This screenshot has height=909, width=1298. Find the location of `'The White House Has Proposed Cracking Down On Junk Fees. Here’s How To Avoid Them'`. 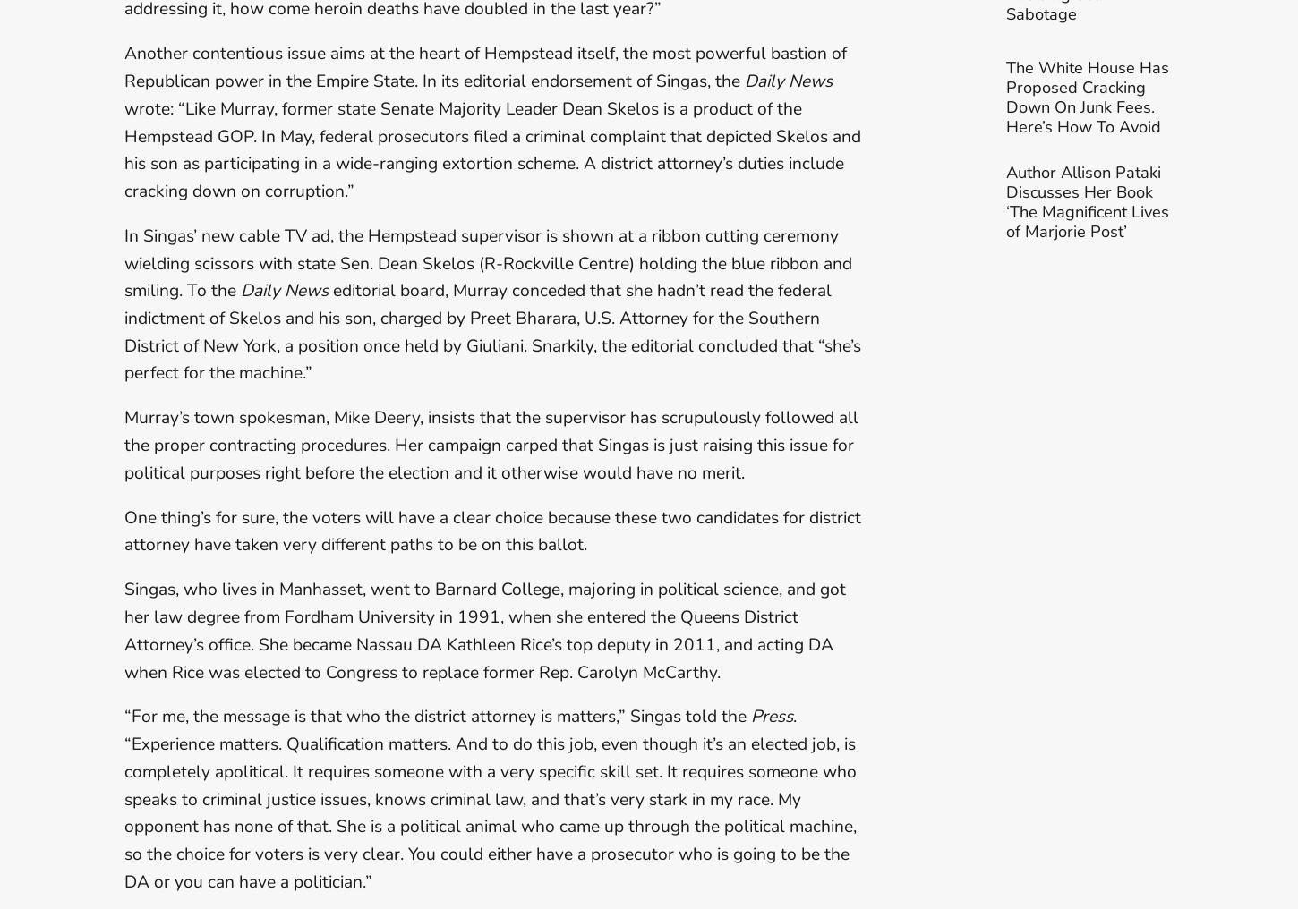

'The White House Has Proposed Cracking Down On Junk Fees. Here’s How To Avoid Them' is located at coordinates (1004, 146).